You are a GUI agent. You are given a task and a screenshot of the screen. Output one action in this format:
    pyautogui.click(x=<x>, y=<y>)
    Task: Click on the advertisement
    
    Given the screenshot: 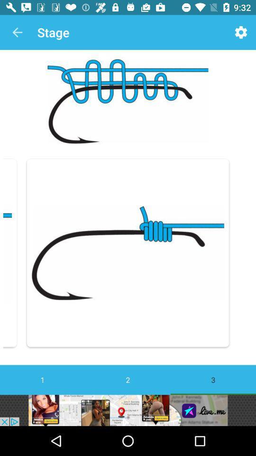 What is the action you would take?
    pyautogui.click(x=128, y=410)
    